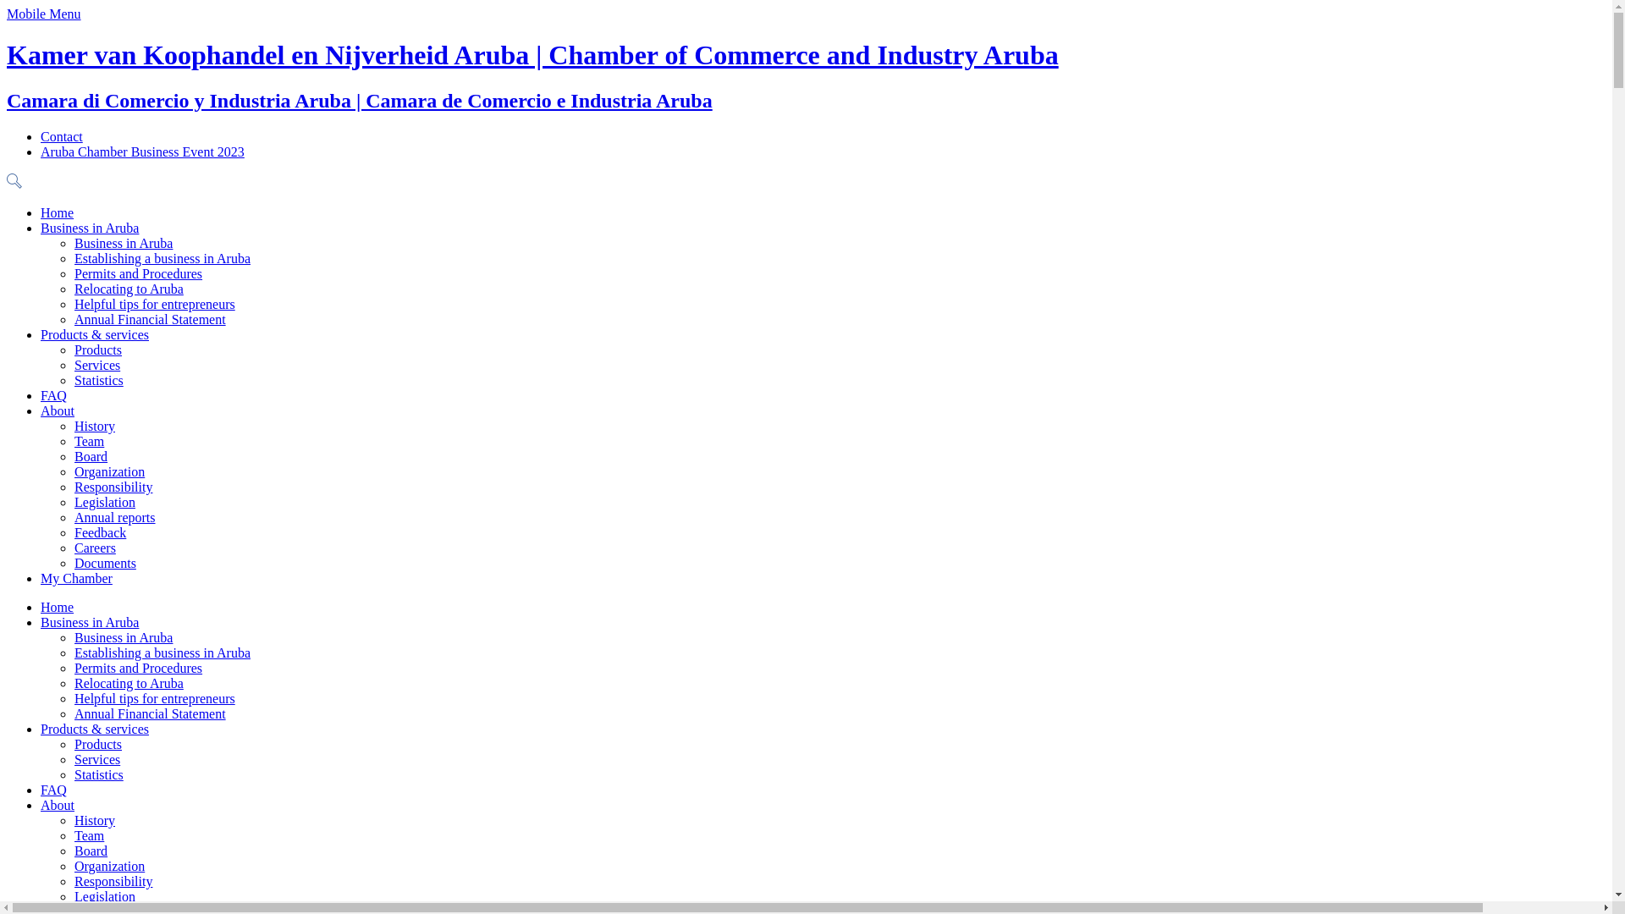 Image resolution: width=1625 pixels, height=914 pixels. Describe the element at coordinates (73, 834) in the screenshot. I see `'Team'` at that location.